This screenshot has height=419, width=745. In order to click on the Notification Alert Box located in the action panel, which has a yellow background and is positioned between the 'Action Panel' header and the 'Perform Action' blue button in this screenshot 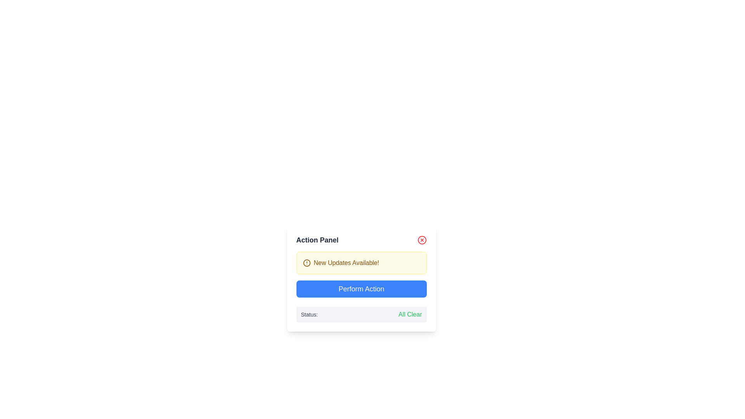, I will do `click(361, 263)`.